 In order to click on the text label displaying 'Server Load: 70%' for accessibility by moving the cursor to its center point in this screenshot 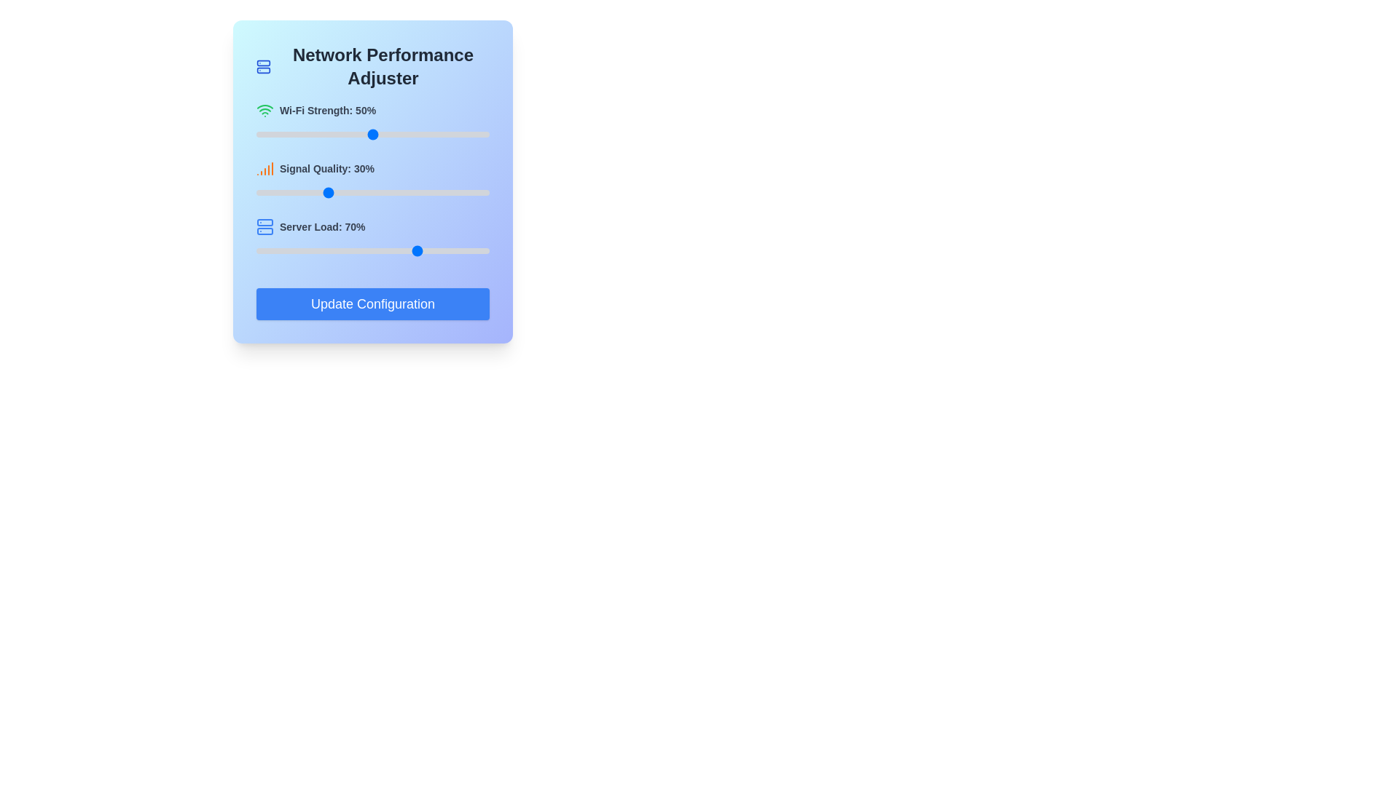, I will do `click(373, 227)`.